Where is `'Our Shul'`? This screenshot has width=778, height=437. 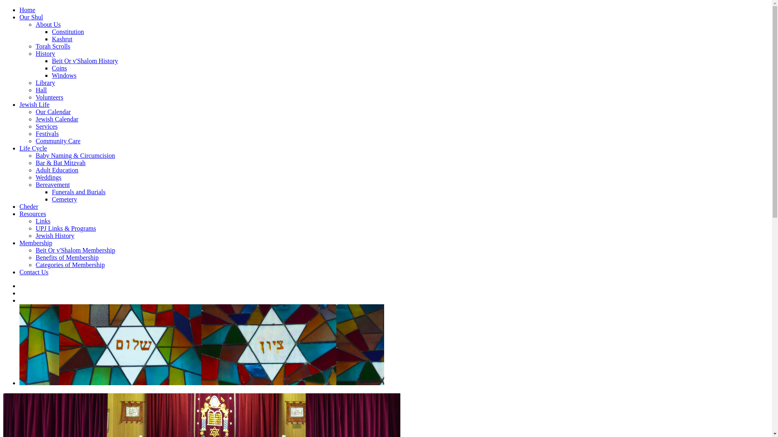 'Our Shul' is located at coordinates (31, 17).